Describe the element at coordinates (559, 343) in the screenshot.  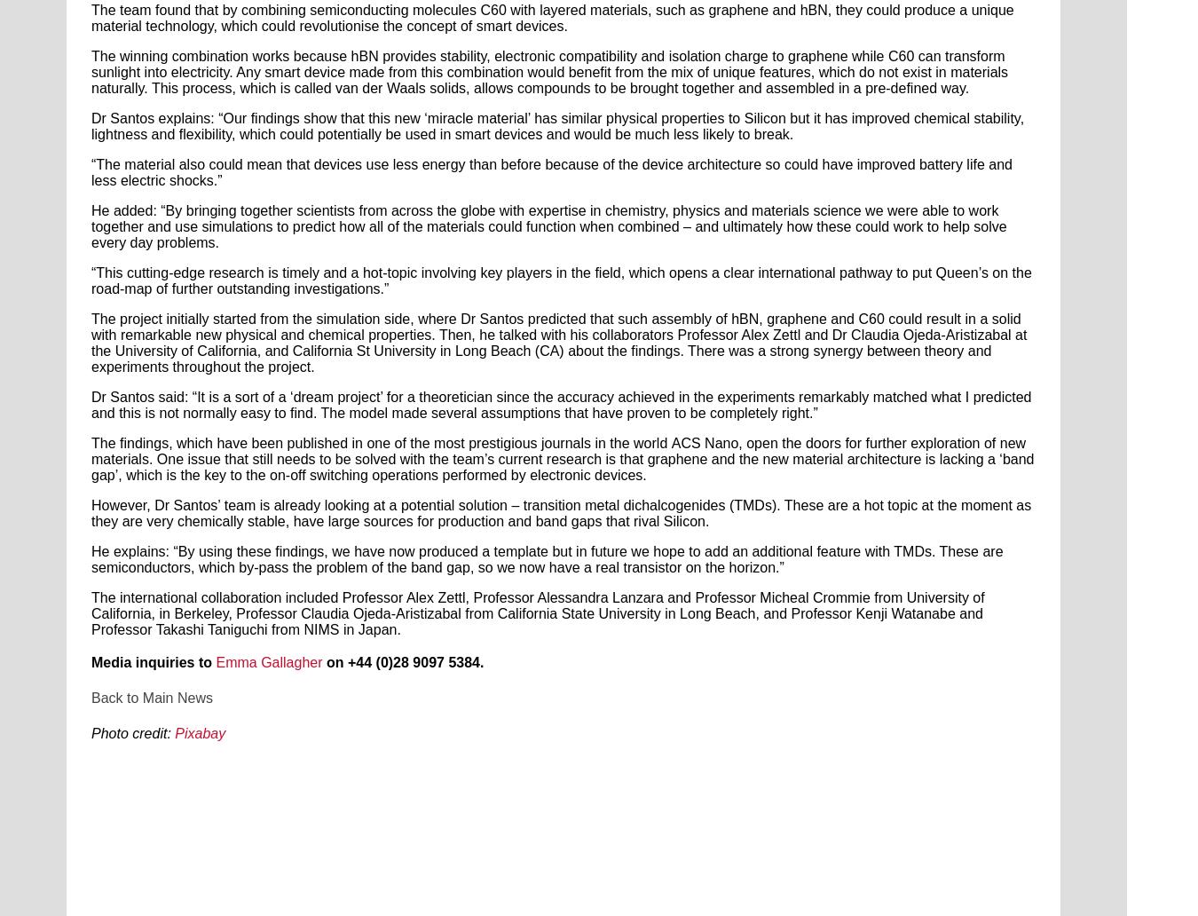
I see `'The project initially started from the simulation side, where Dr Santos predicted that such assembly of hBN, graphene and C60 could result in a solid with remarkable new physical and chemical properties. Then, he talked with his collaborators Professor Alex Zettl and Dr Claudia Ojeda-Aristizabal at the University of California, and California St University in Long Beach (CA) about the findings. There was a strong synergy between theory and experiments throughout the project.'` at that location.